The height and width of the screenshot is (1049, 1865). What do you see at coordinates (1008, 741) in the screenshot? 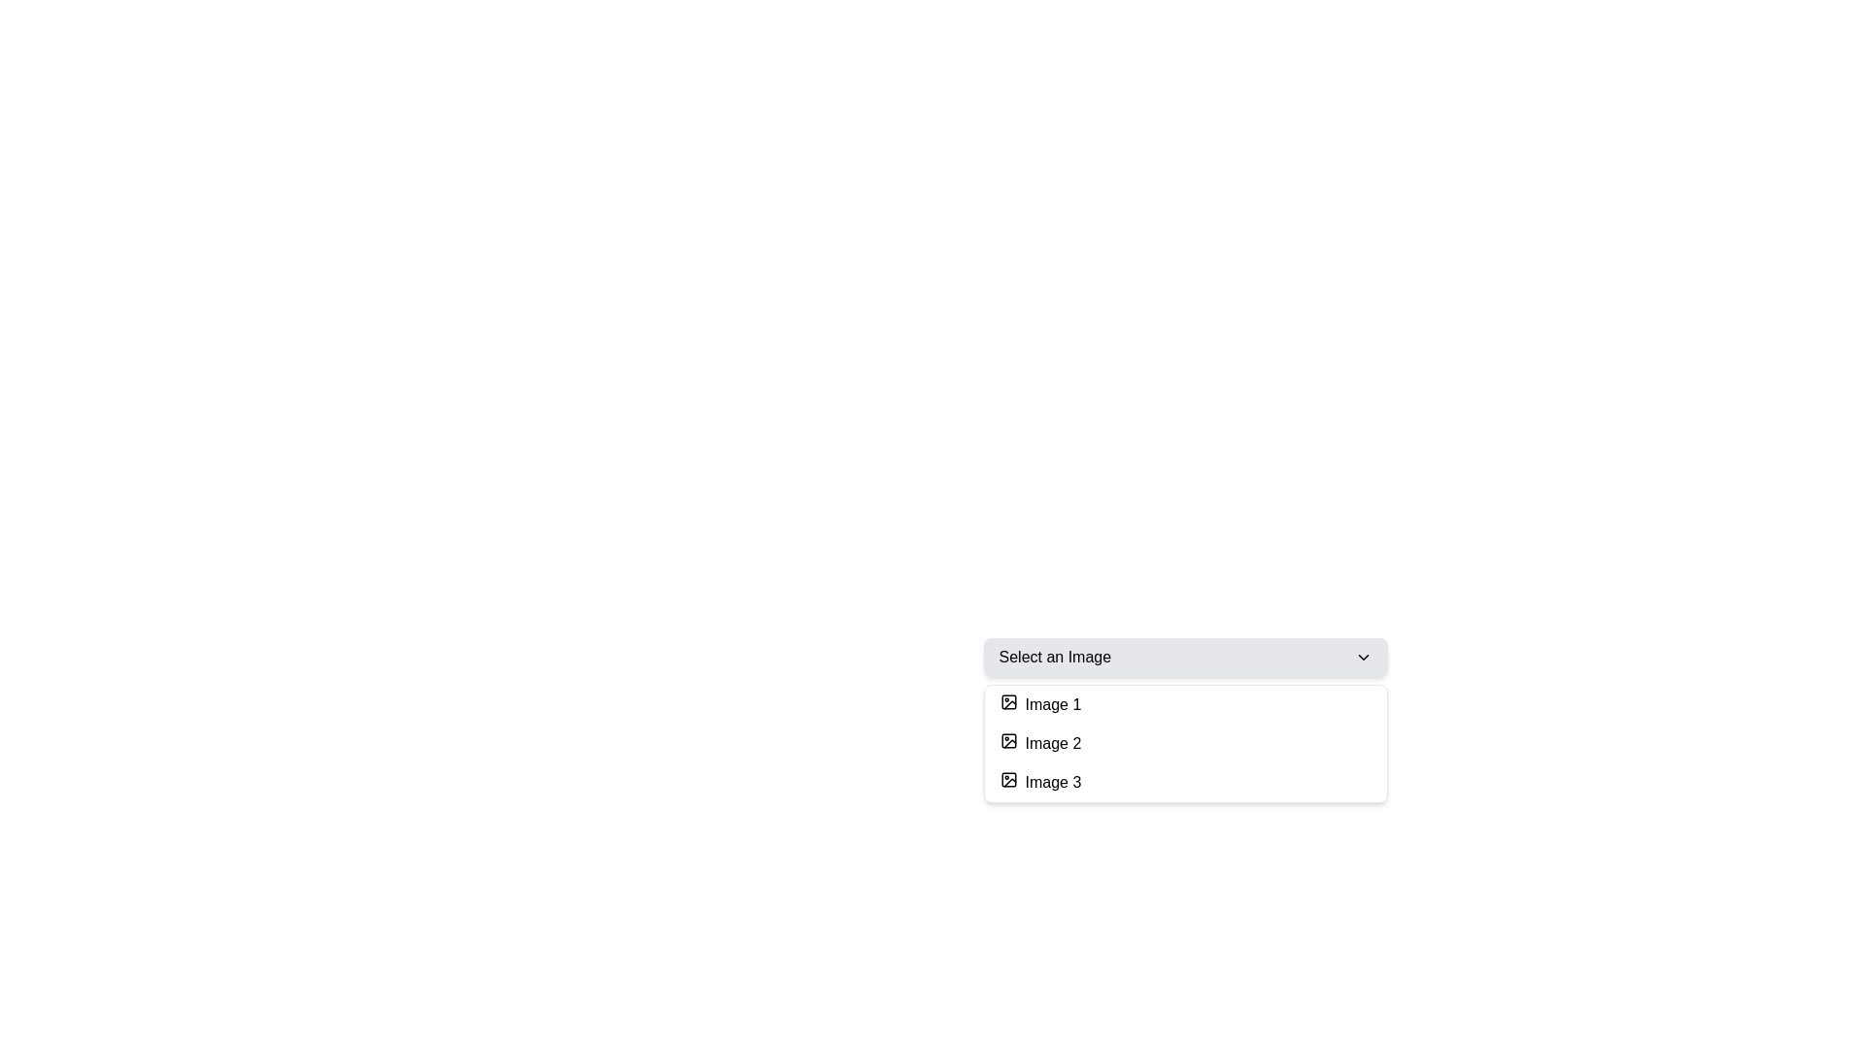
I see `the small graphical icon representing an image located inside the dropdown menu under the option labeled 'Image 2', preceding the option's text` at bounding box center [1008, 741].